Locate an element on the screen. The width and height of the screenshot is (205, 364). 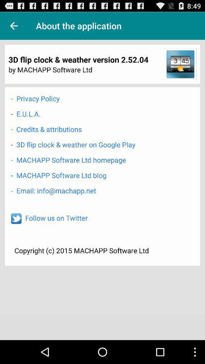
go back is located at coordinates (14, 26).